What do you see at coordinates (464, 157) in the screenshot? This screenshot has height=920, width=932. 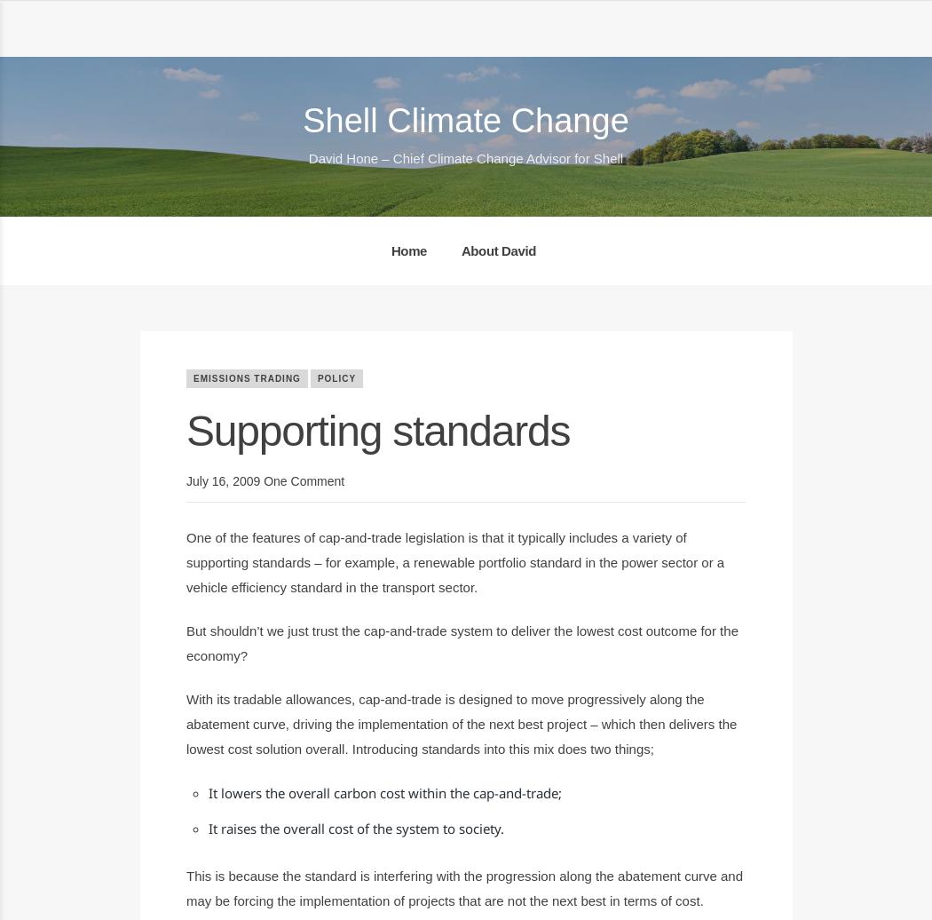 I see `'David Hone – Chief Climate Change Advisor for Shell'` at bounding box center [464, 157].